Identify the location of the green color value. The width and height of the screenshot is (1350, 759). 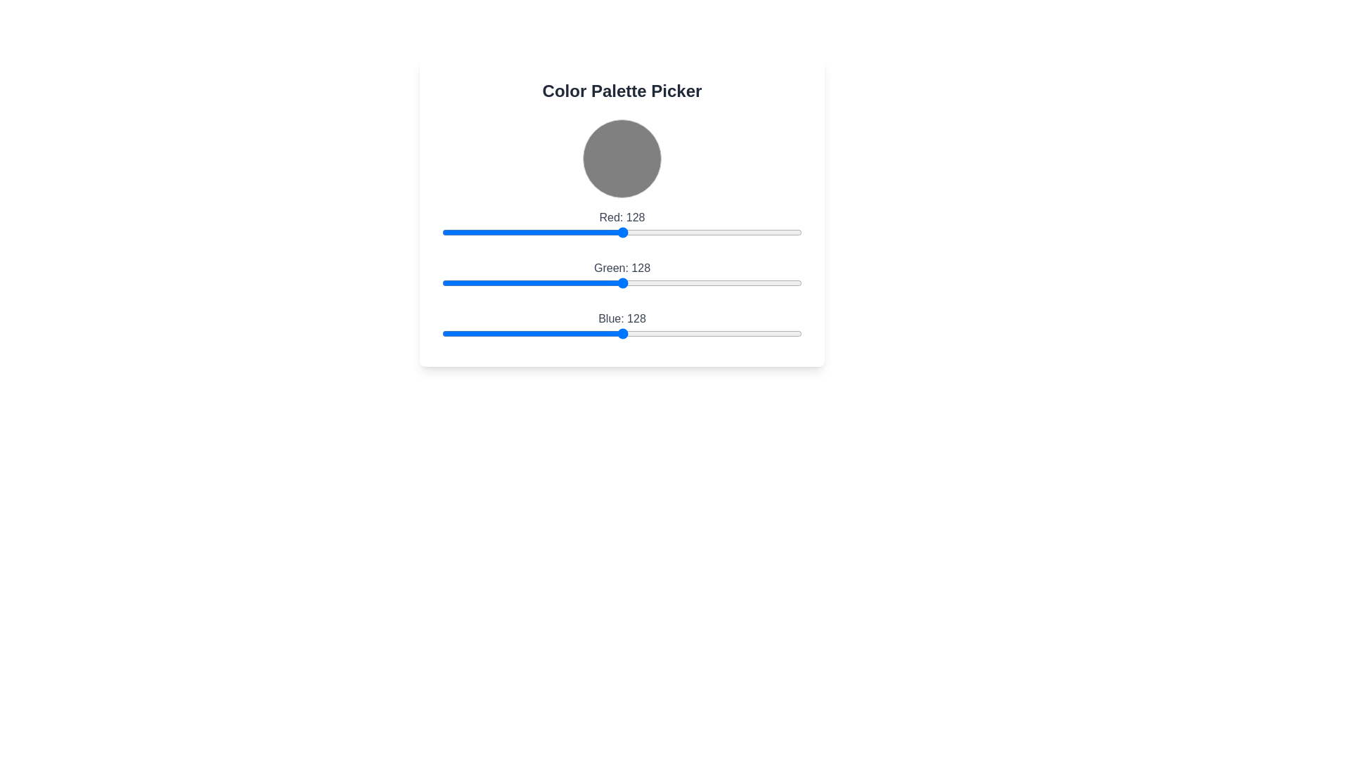
(603, 283).